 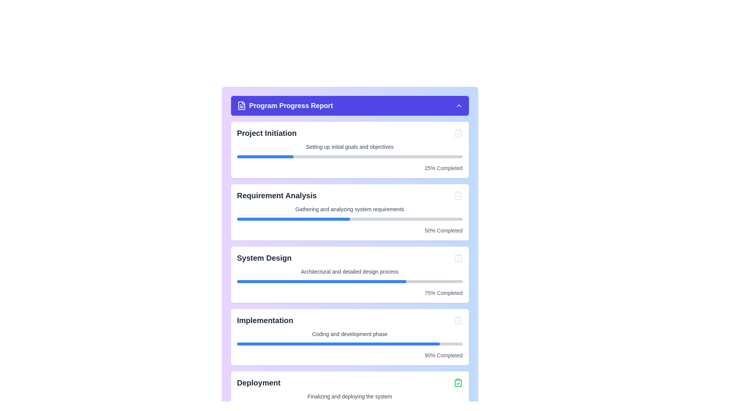 I want to click on text 'System Design' which is prominently displayed in bold and larger font within the 'Program Progress Report' panel, specifically in the third section below 'Requirement Analysis', so click(x=264, y=258).